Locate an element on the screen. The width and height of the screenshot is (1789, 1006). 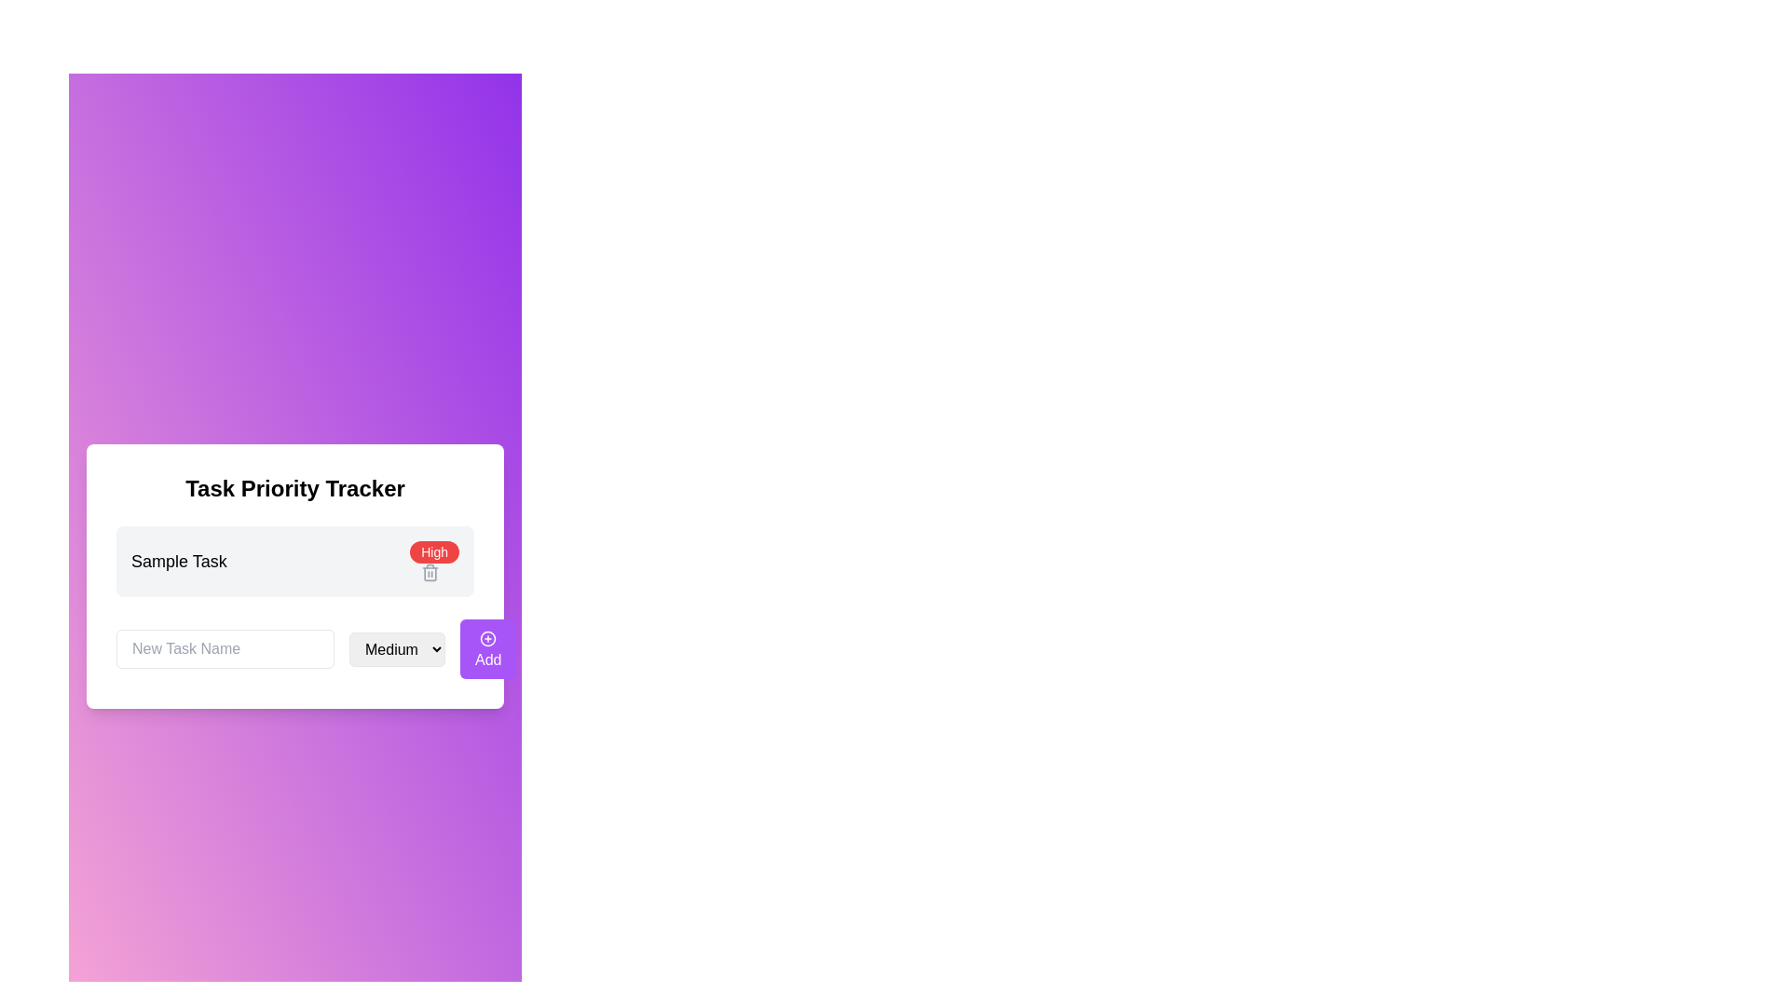
the non-interactive label indicating 'High' priority status associated with the task item labeled 'Sample Task' is located at coordinates (433, 551).